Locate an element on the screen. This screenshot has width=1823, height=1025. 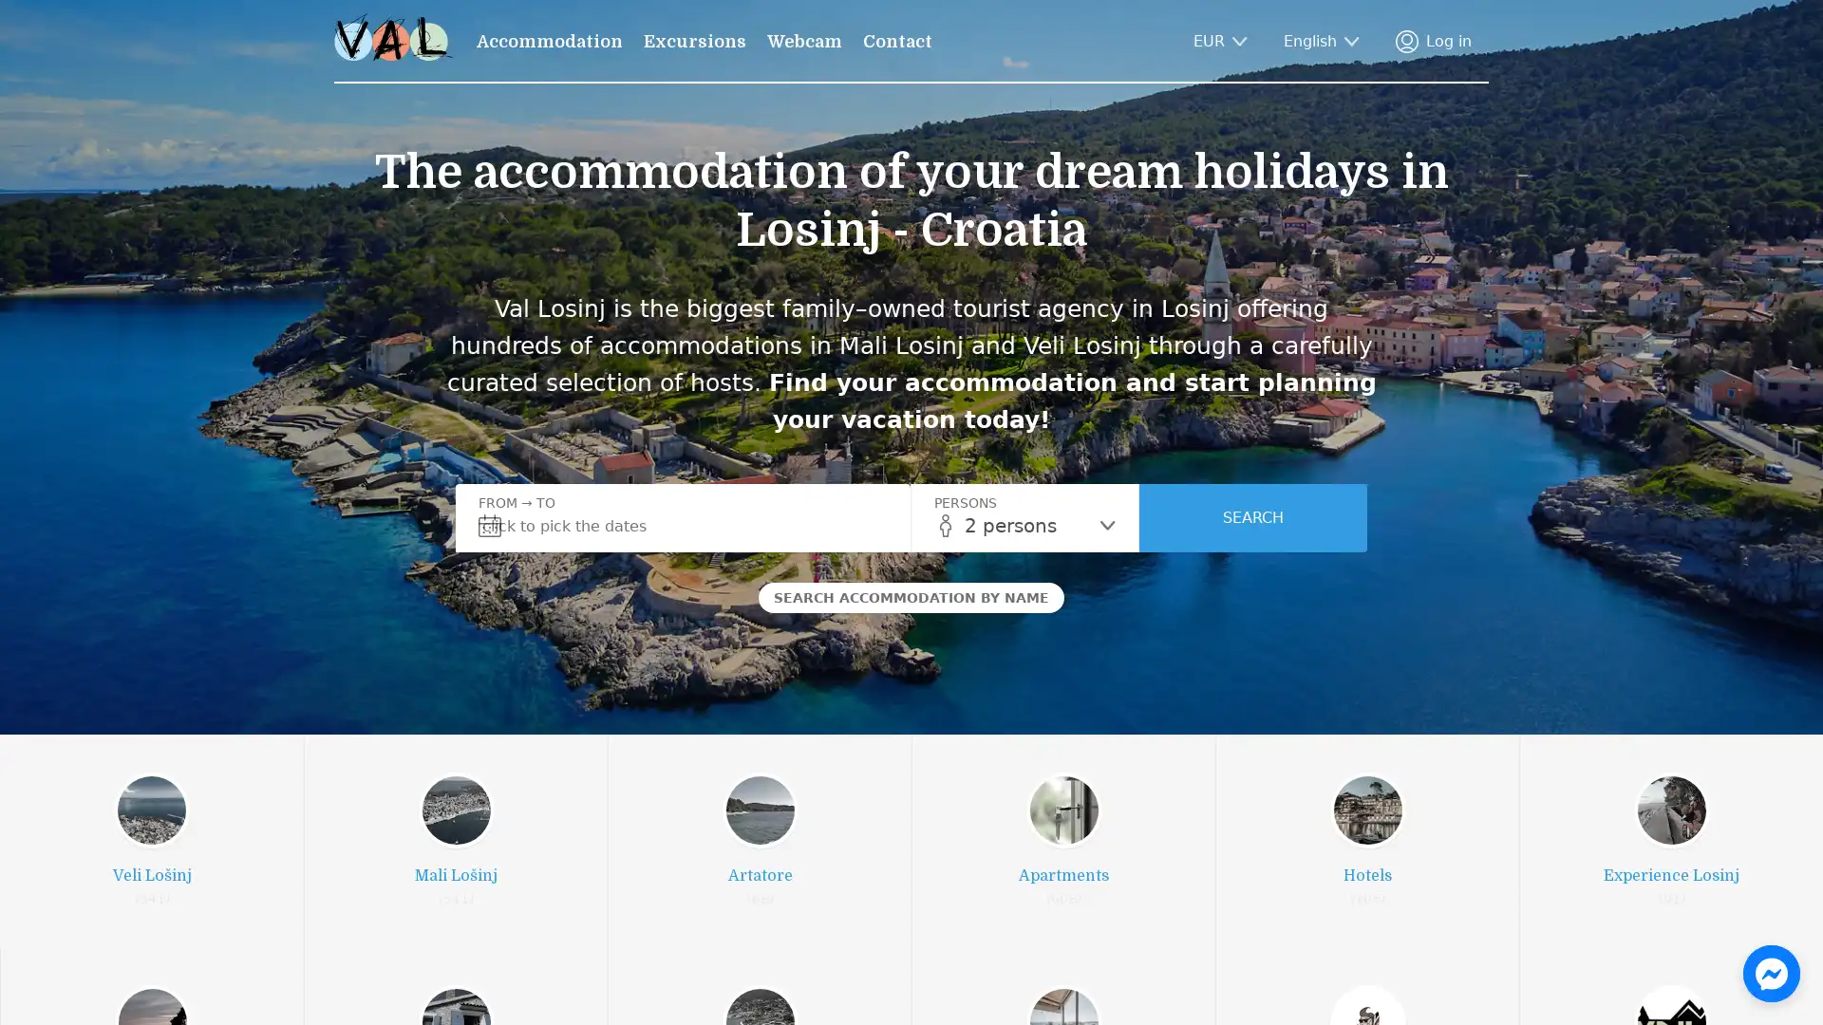
SEARCH is located at coordinates (1253, 518).